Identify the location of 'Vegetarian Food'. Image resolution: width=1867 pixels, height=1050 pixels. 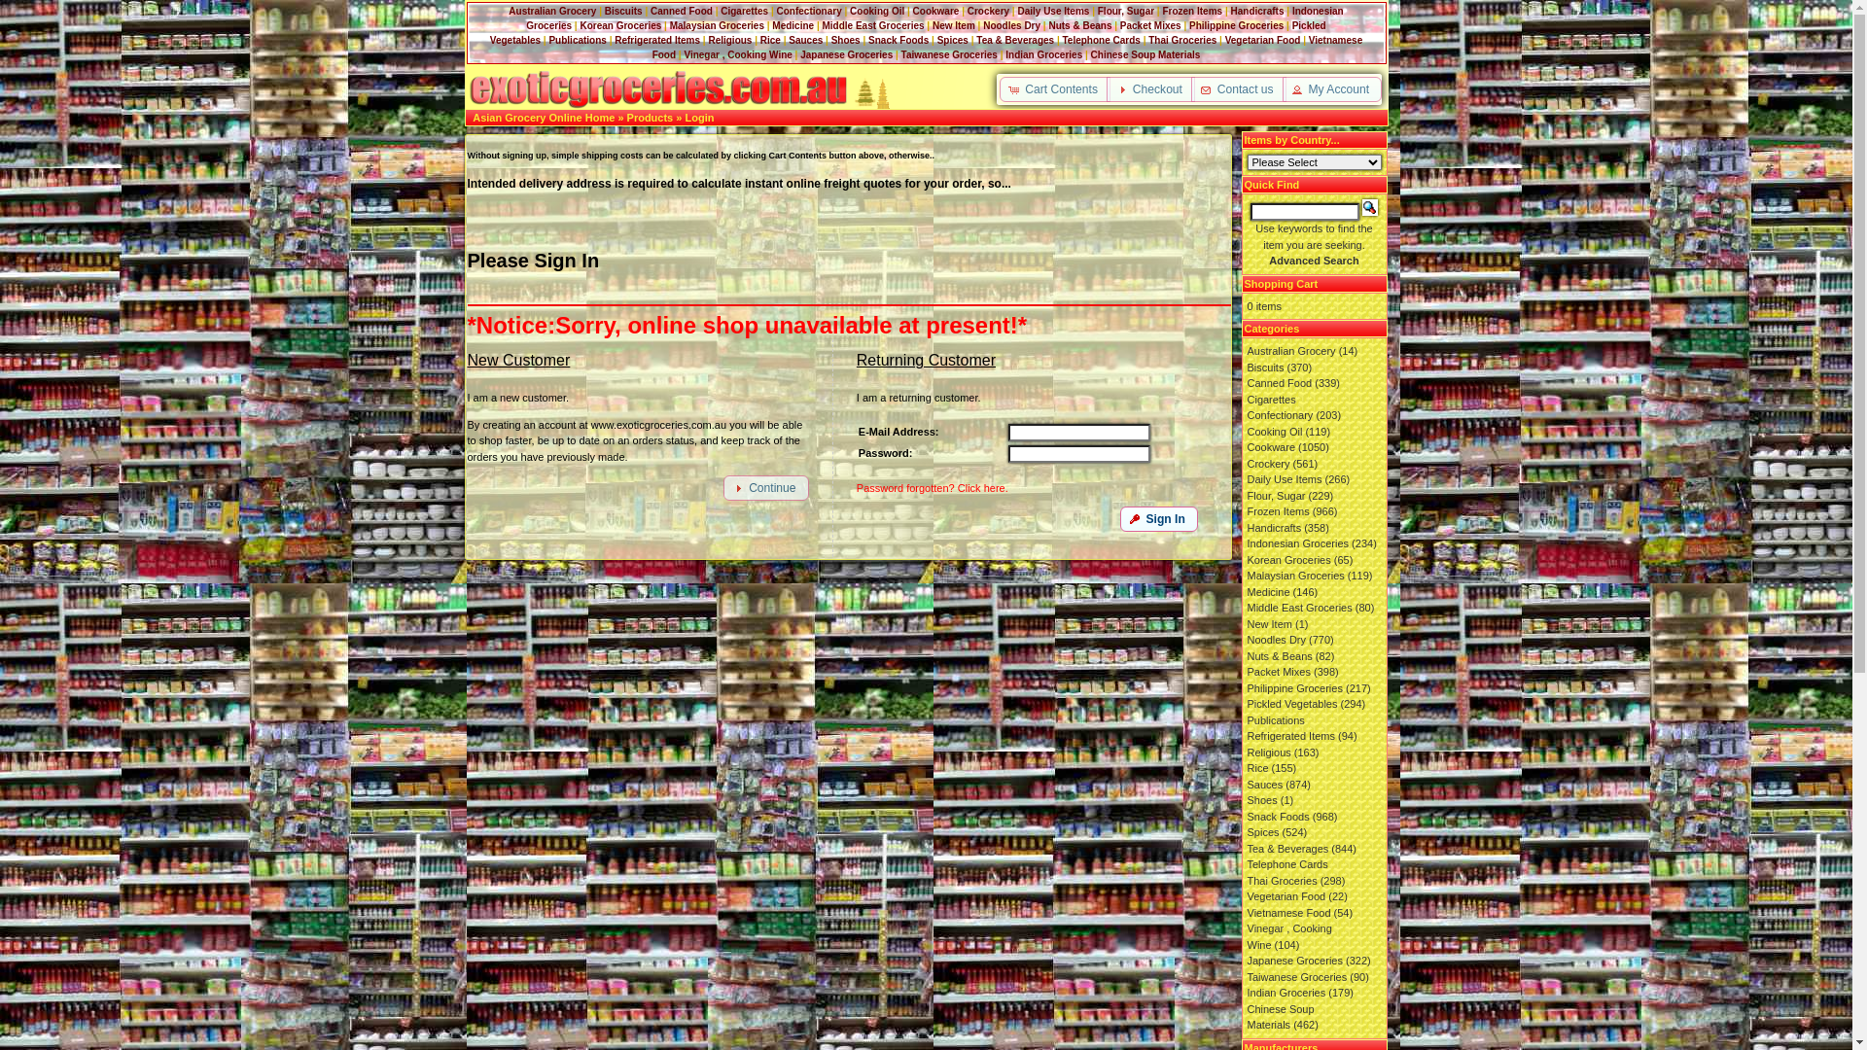
(1223, 40).